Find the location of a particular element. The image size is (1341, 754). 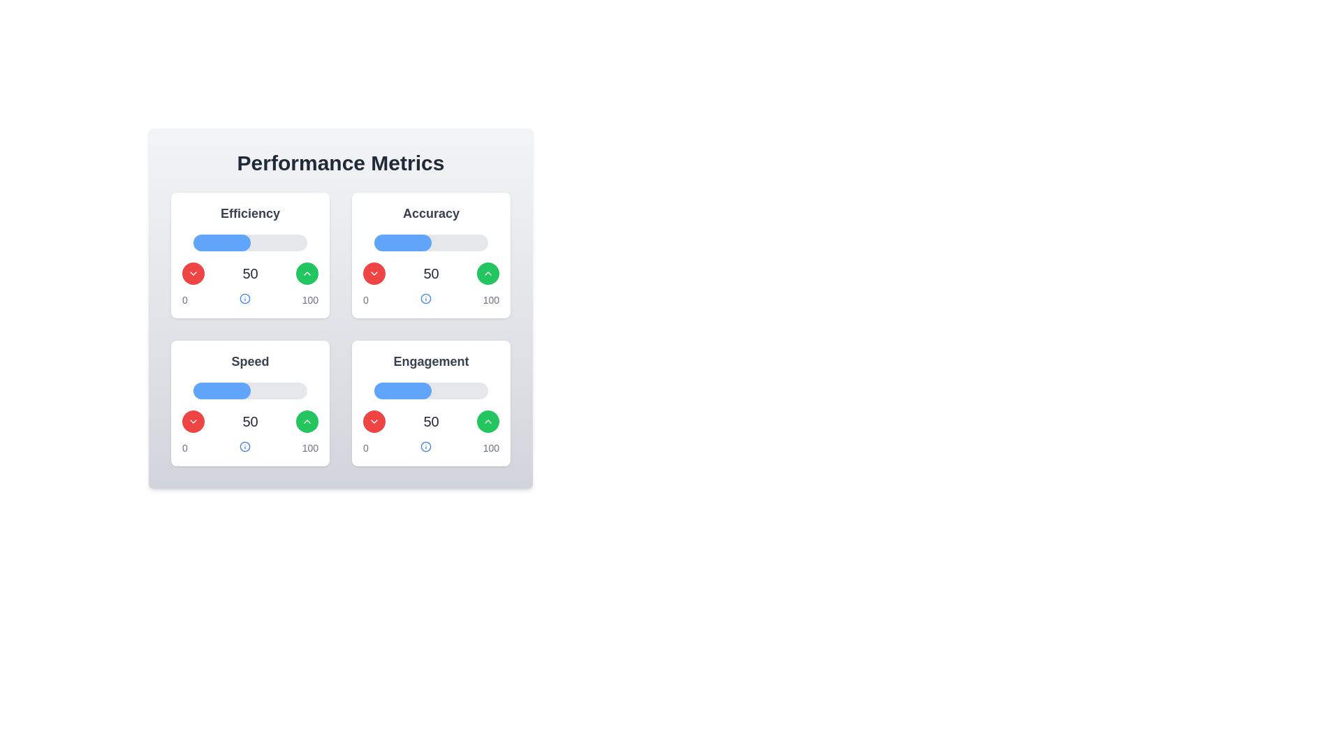

the label indicating the minimum score located at the bottom left of the 'Accuracy' card, which is part of the performance indicators is located at coordinates (365, 299).